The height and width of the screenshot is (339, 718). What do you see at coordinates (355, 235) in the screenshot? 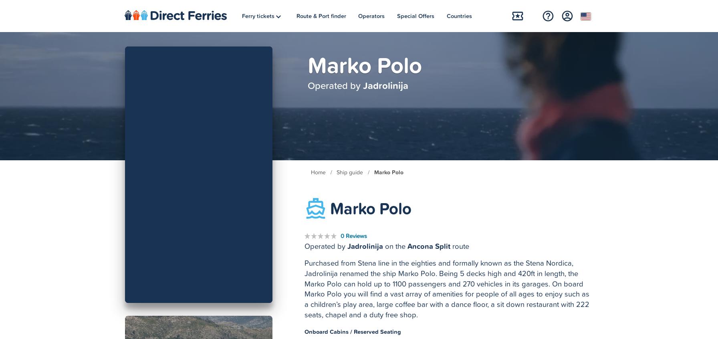
I see `'Reviews'` at bounding box center [355, 235].